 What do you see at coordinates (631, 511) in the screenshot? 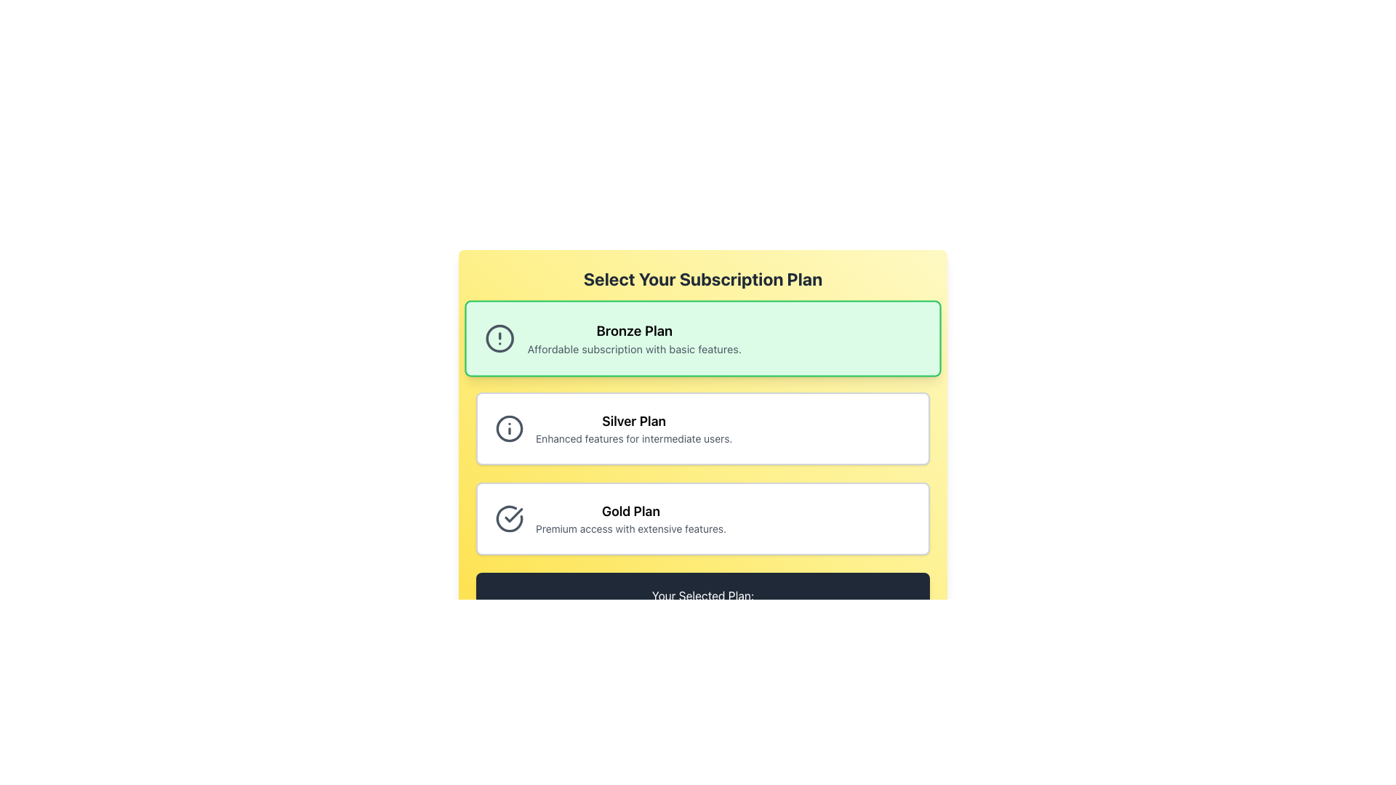
I see `the text label indicating the 'Gold Plan' subscription option, which is located in the center of the third option block, positioned below the 'Silver Plan' and above 'Your Selected Plan'` at bounding box center [631, 511].